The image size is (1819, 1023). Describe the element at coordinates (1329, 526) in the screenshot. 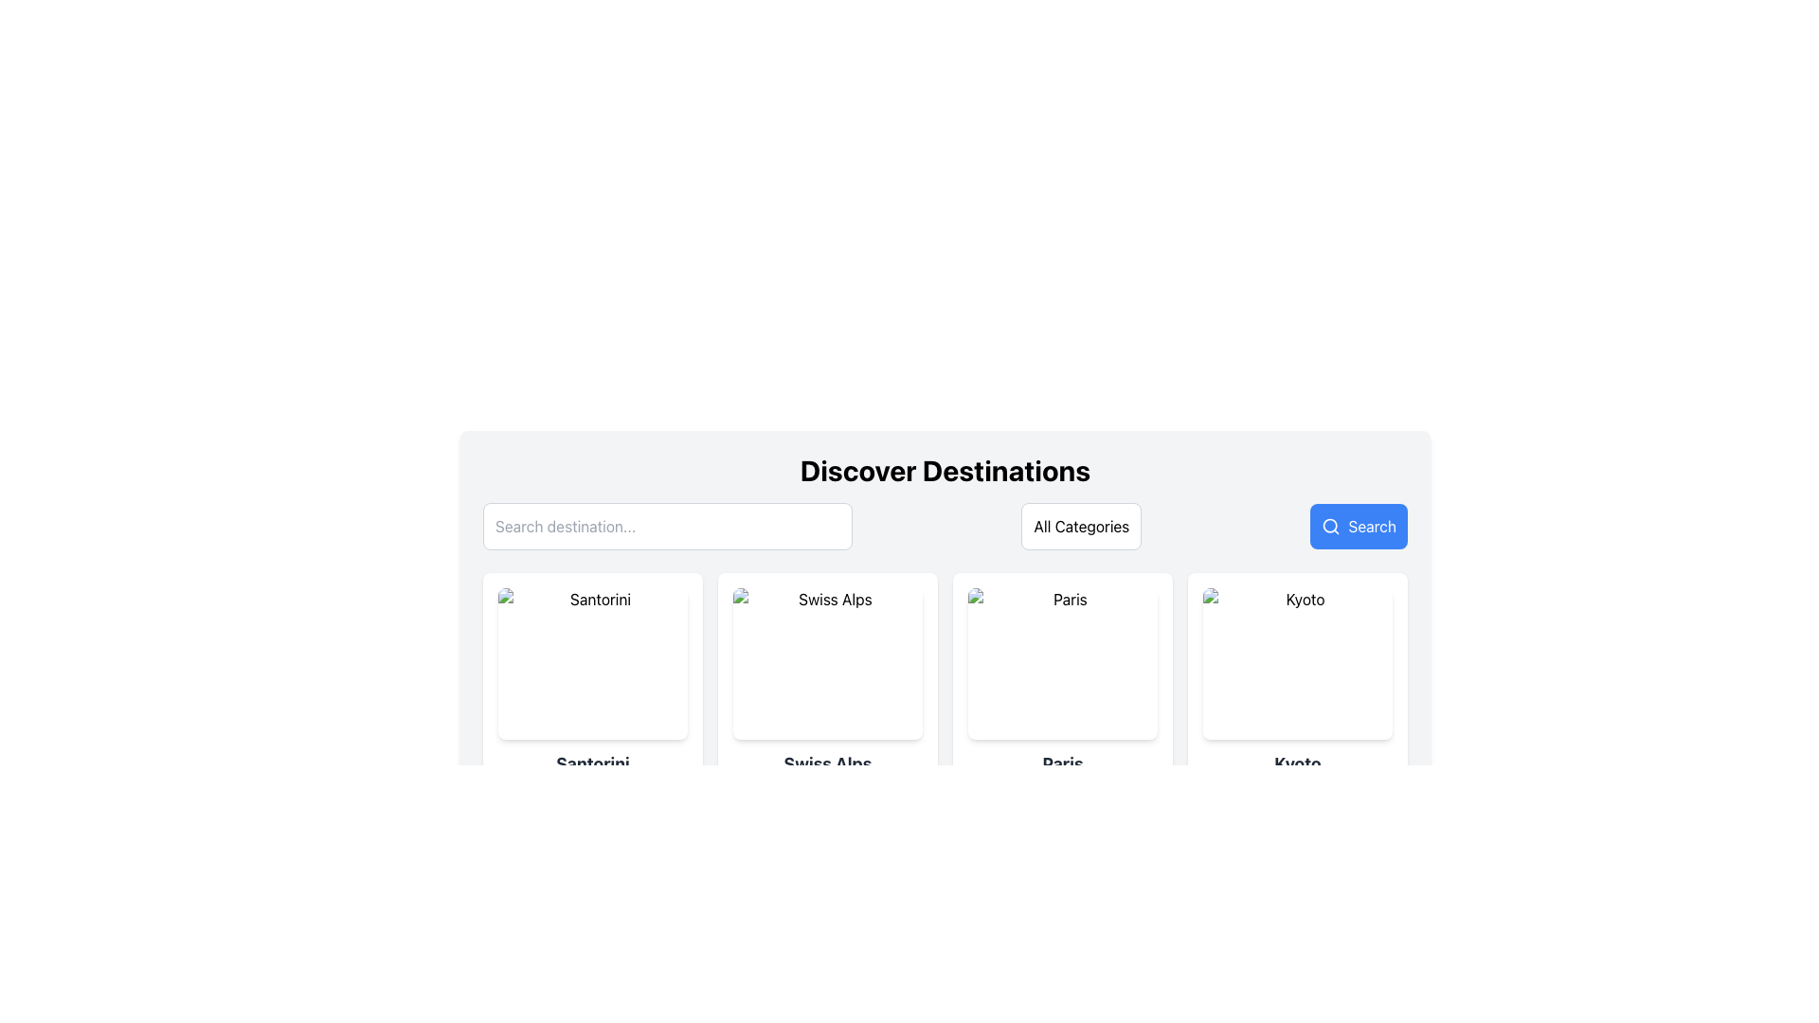

I see `the circular portion of the magnifying glass icon, which symbolizes the search functionality, located to the right of the 'Search' button` at that location.